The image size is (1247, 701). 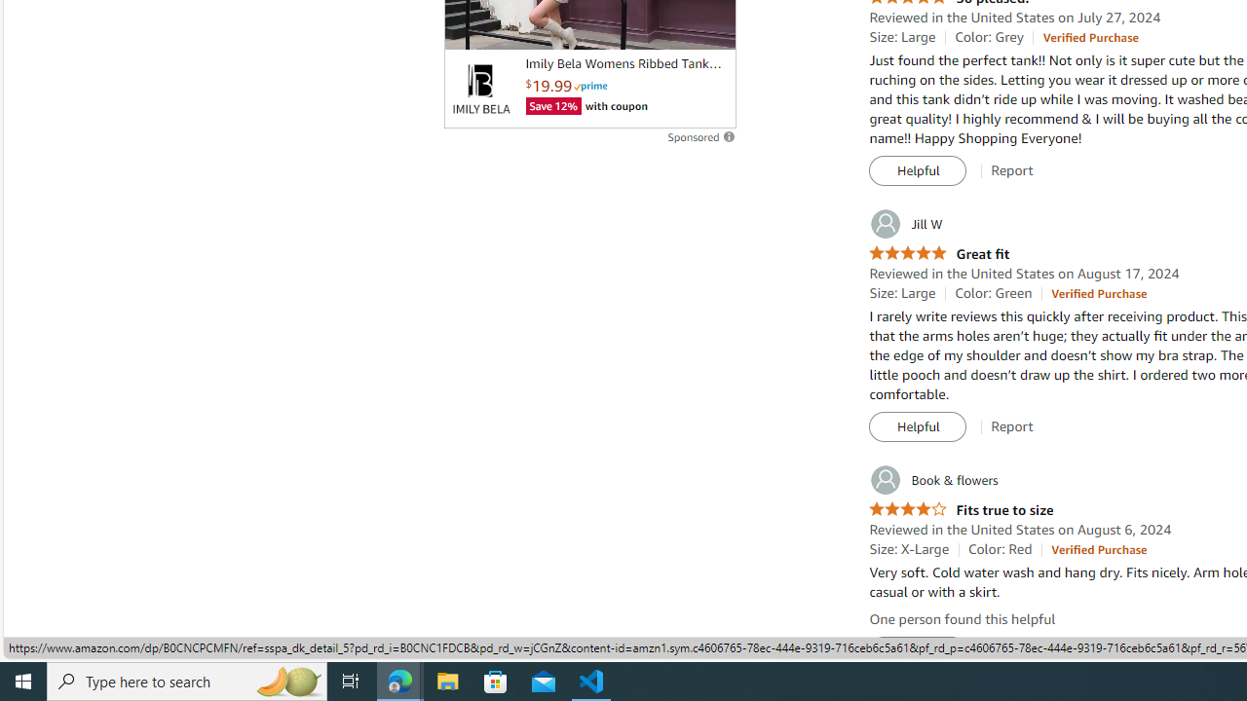 What do you see at coordinates (904, 223) in the screenshot?
I see `'Jill W'` at bounding box center [904, 223].